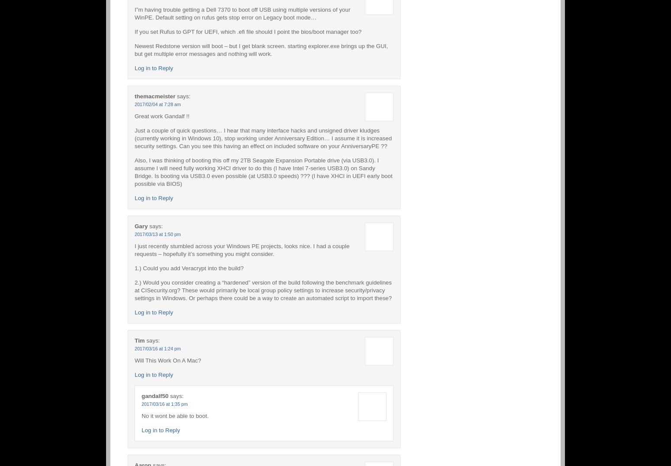 The image size is (671, 466). Describe the element at coordinates (134, 116) in the screenshot. I see `'Great work Gandalf !!'` at that location.